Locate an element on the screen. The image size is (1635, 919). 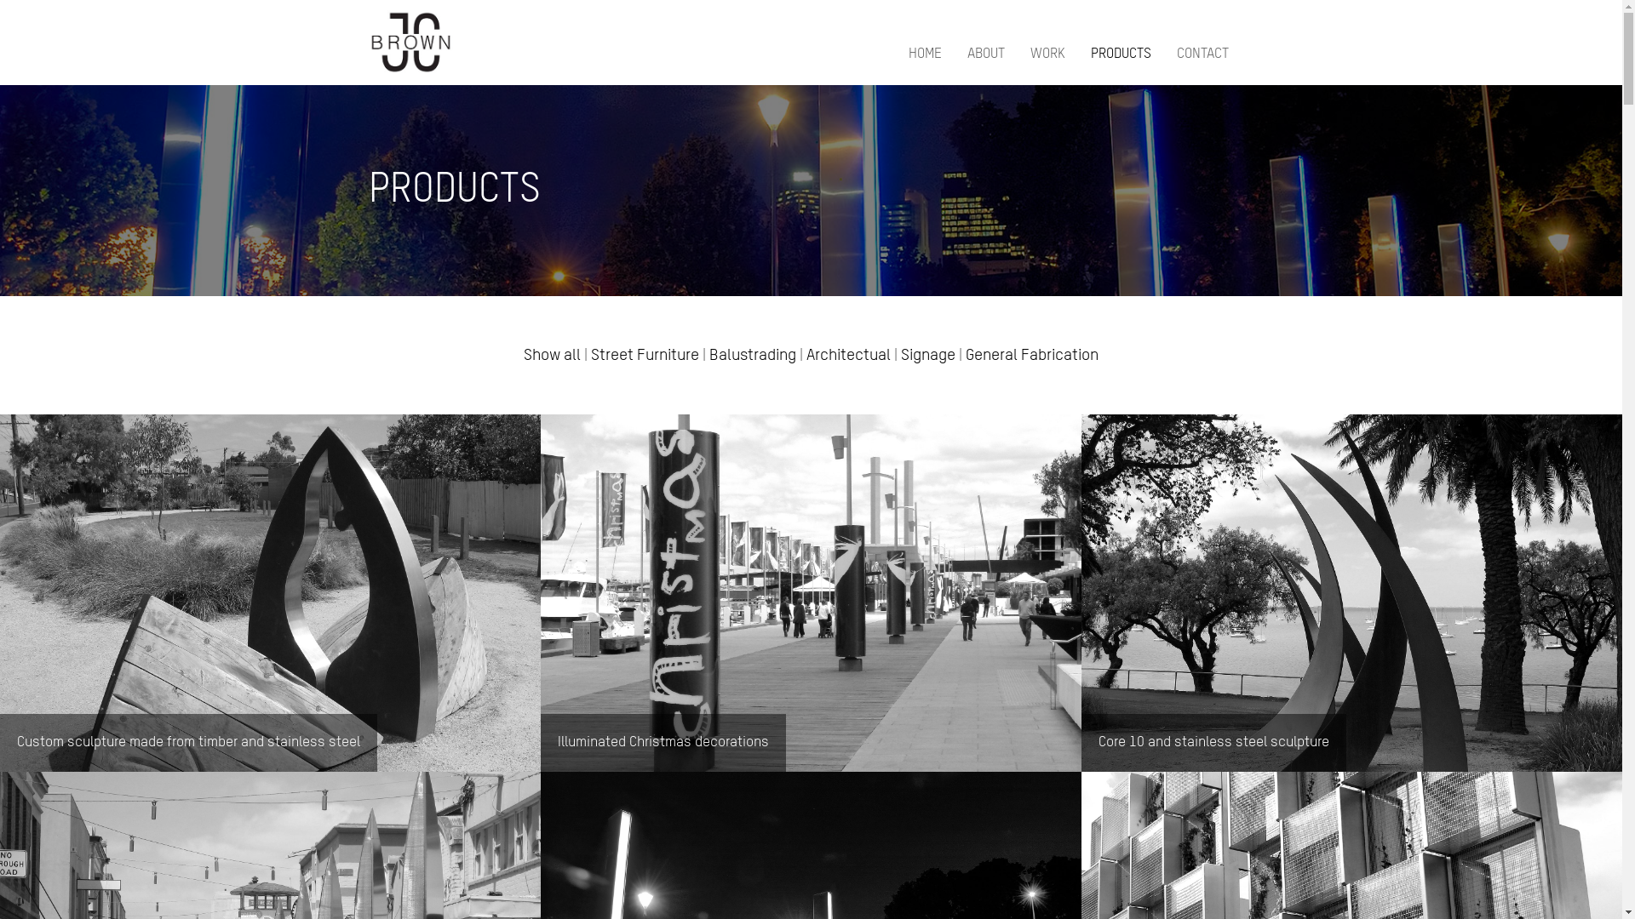
'JC Brown' is located at coordinates (367, 41).